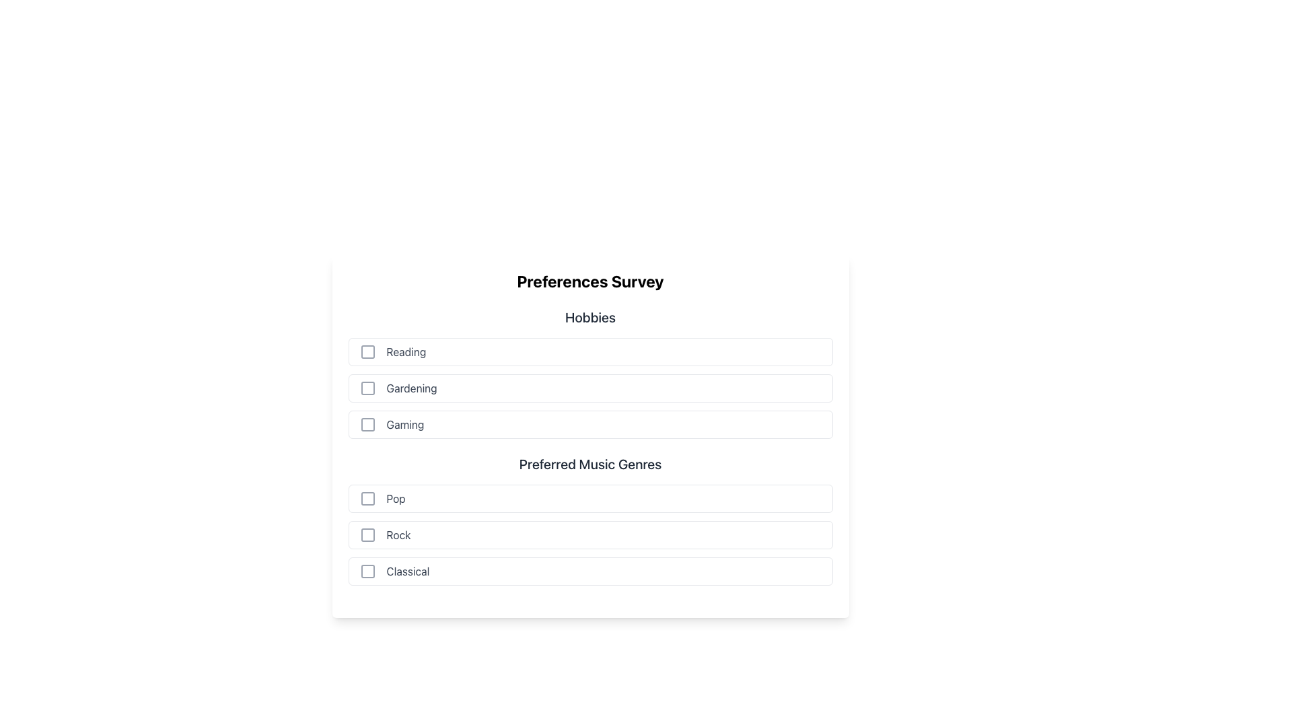 The height and width of the screenshot is (727, 1292). What do you see at coordinates (367, 388) in the screenshot?
I see `the checkbox indicator for 'Gardening' in the 'Hobbies' section` at bounding box center [367, 388].